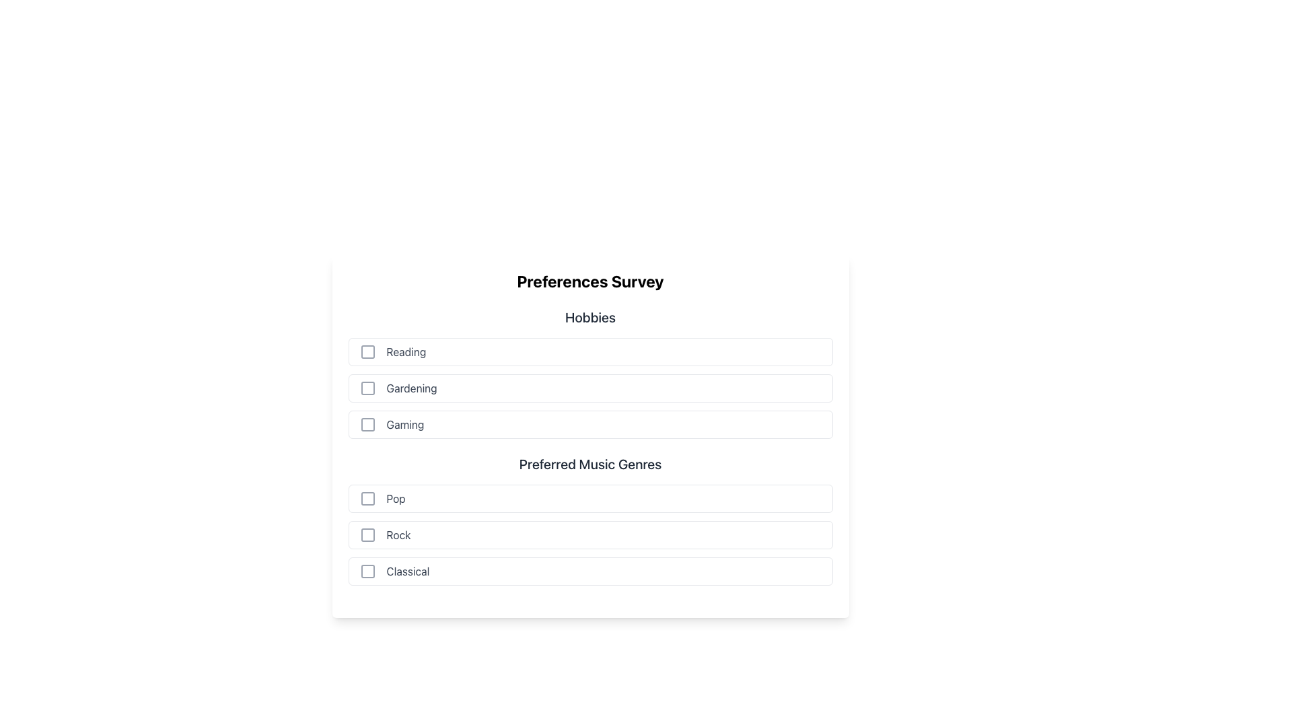 The height and width of the screenshot is (727, 1292). What do you see at coordinates (367, 388) in the screenshot?
I see `the checkbox indicator for 'Gardening' in the 'Hobbies' section` at bounding box center [367, 388].